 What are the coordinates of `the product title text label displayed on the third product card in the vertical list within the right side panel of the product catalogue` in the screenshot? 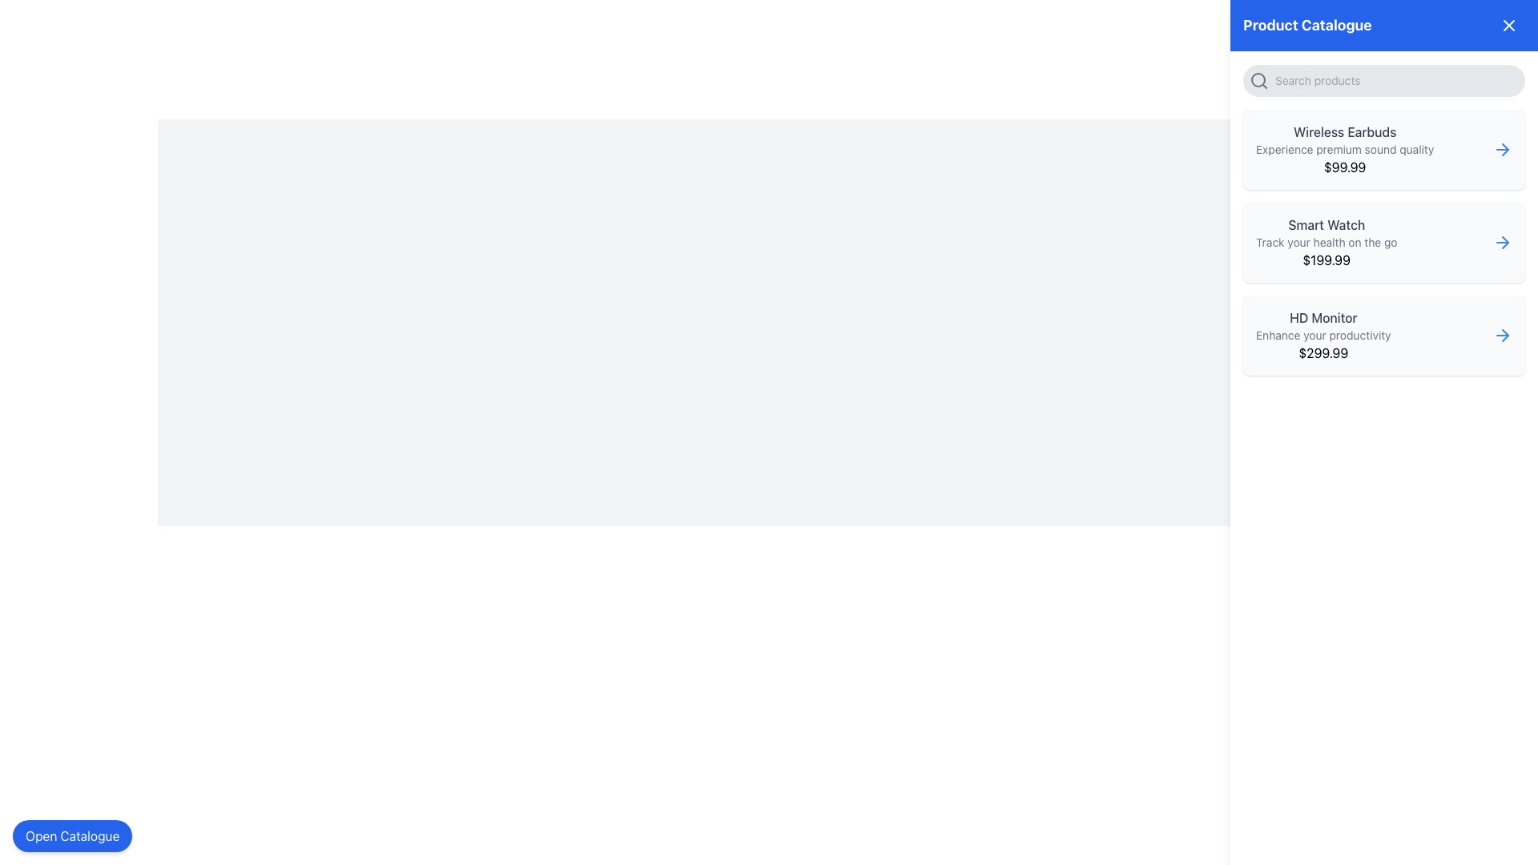 It's located at (1323, 318).